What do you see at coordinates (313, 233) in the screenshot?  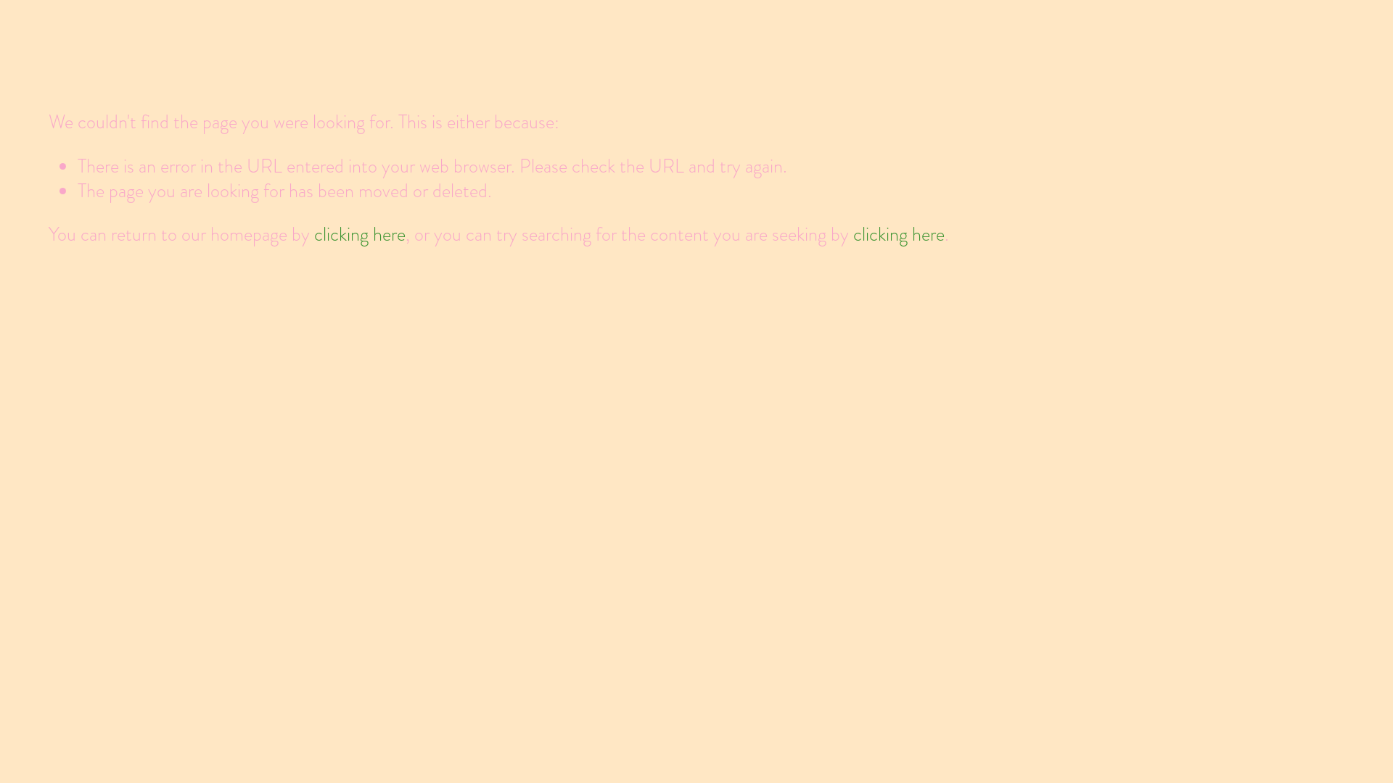 I see `'clicking here'` at bounding box center [313, 233].